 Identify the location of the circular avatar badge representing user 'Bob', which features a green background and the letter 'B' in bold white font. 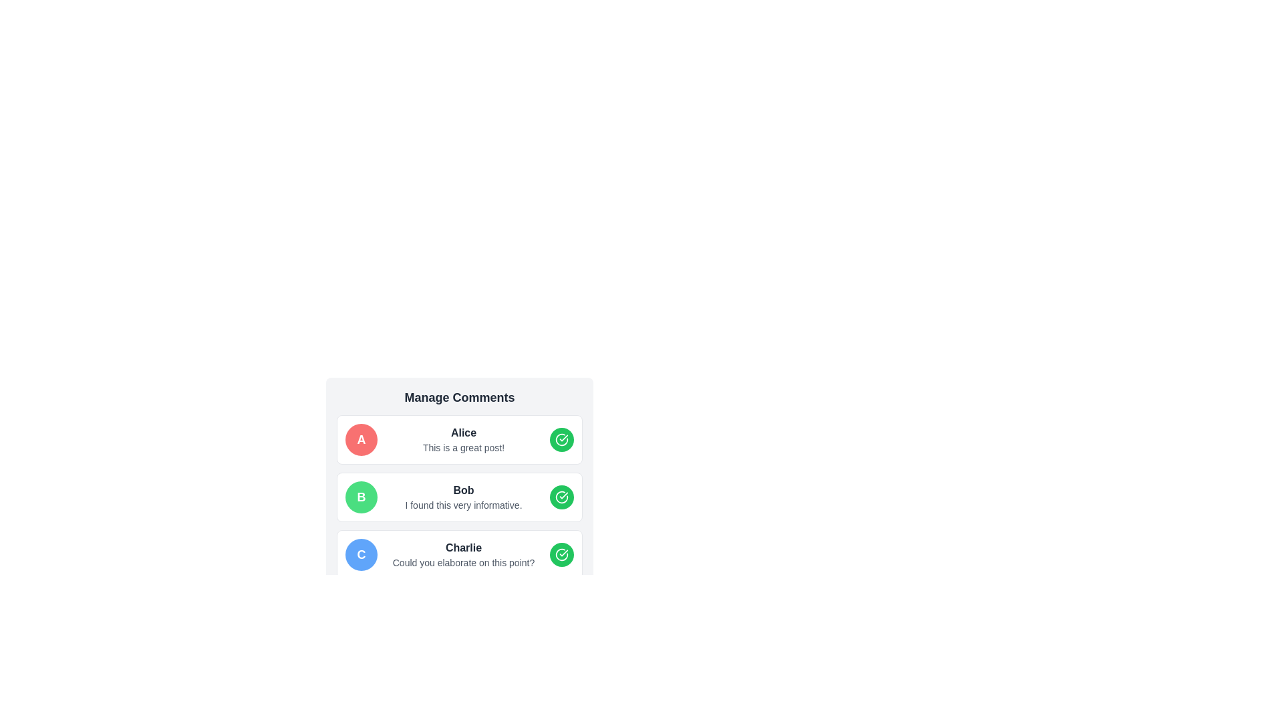
(362, 497).